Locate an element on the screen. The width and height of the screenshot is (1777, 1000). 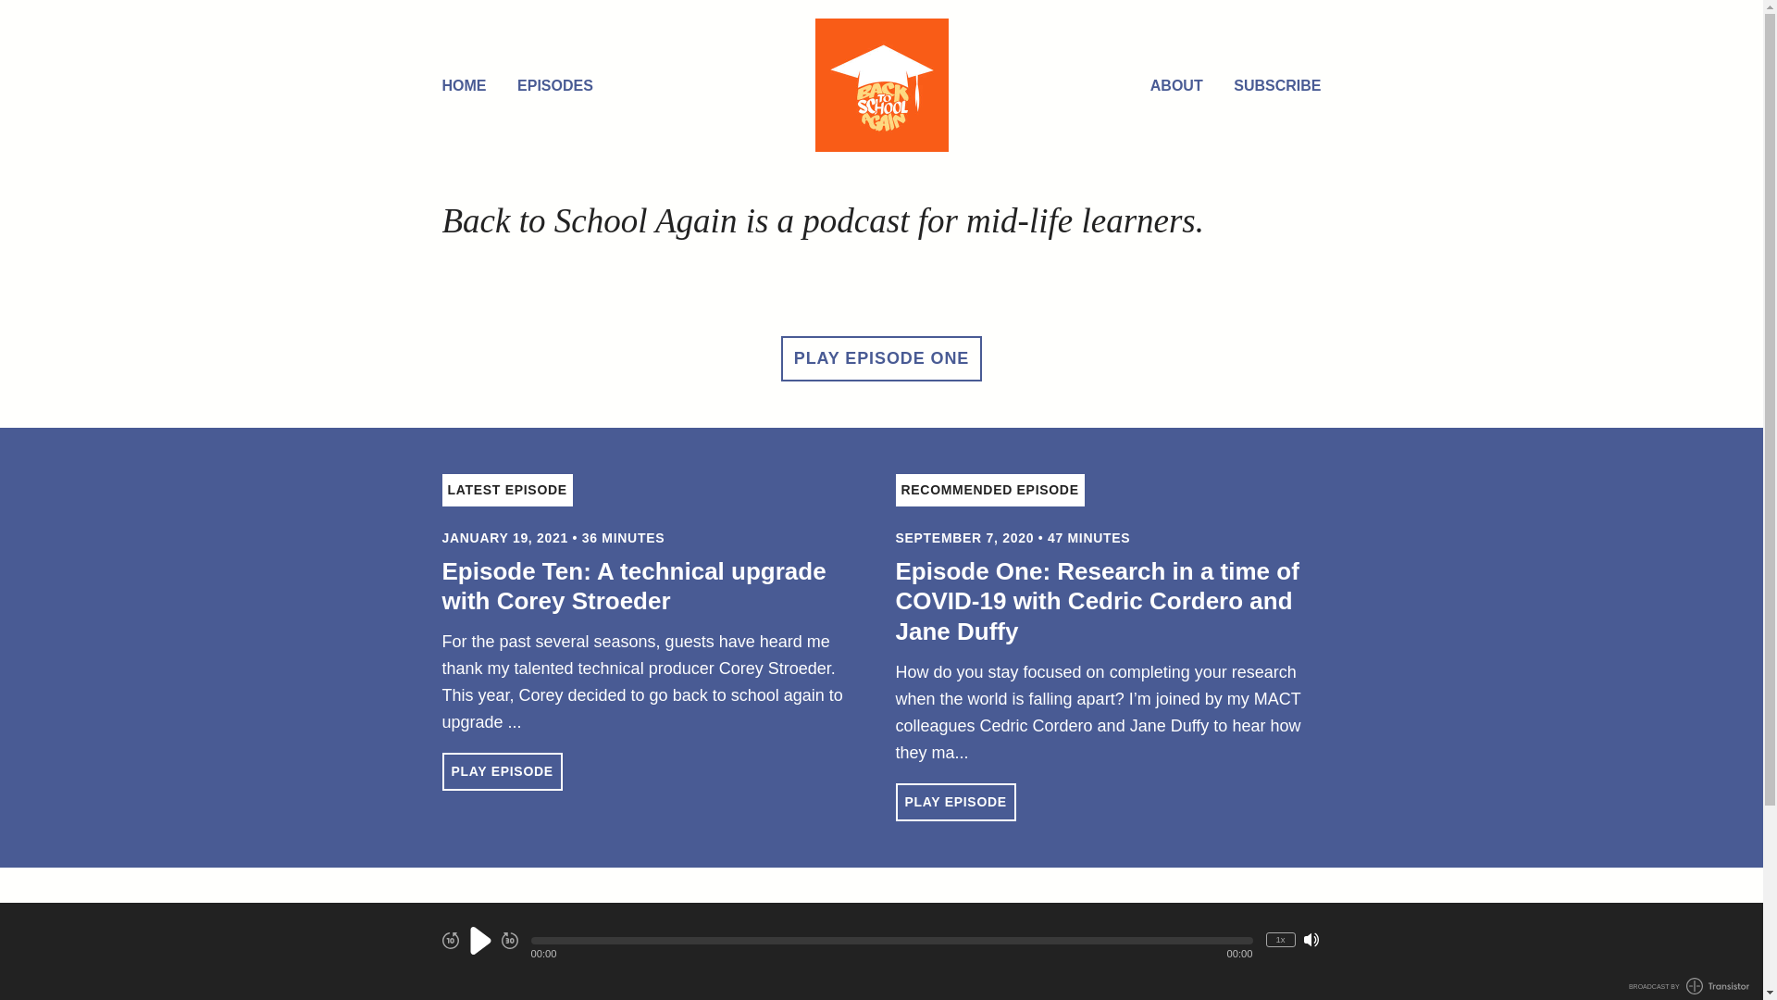
'1x' is located at coordinates (1279, 939).